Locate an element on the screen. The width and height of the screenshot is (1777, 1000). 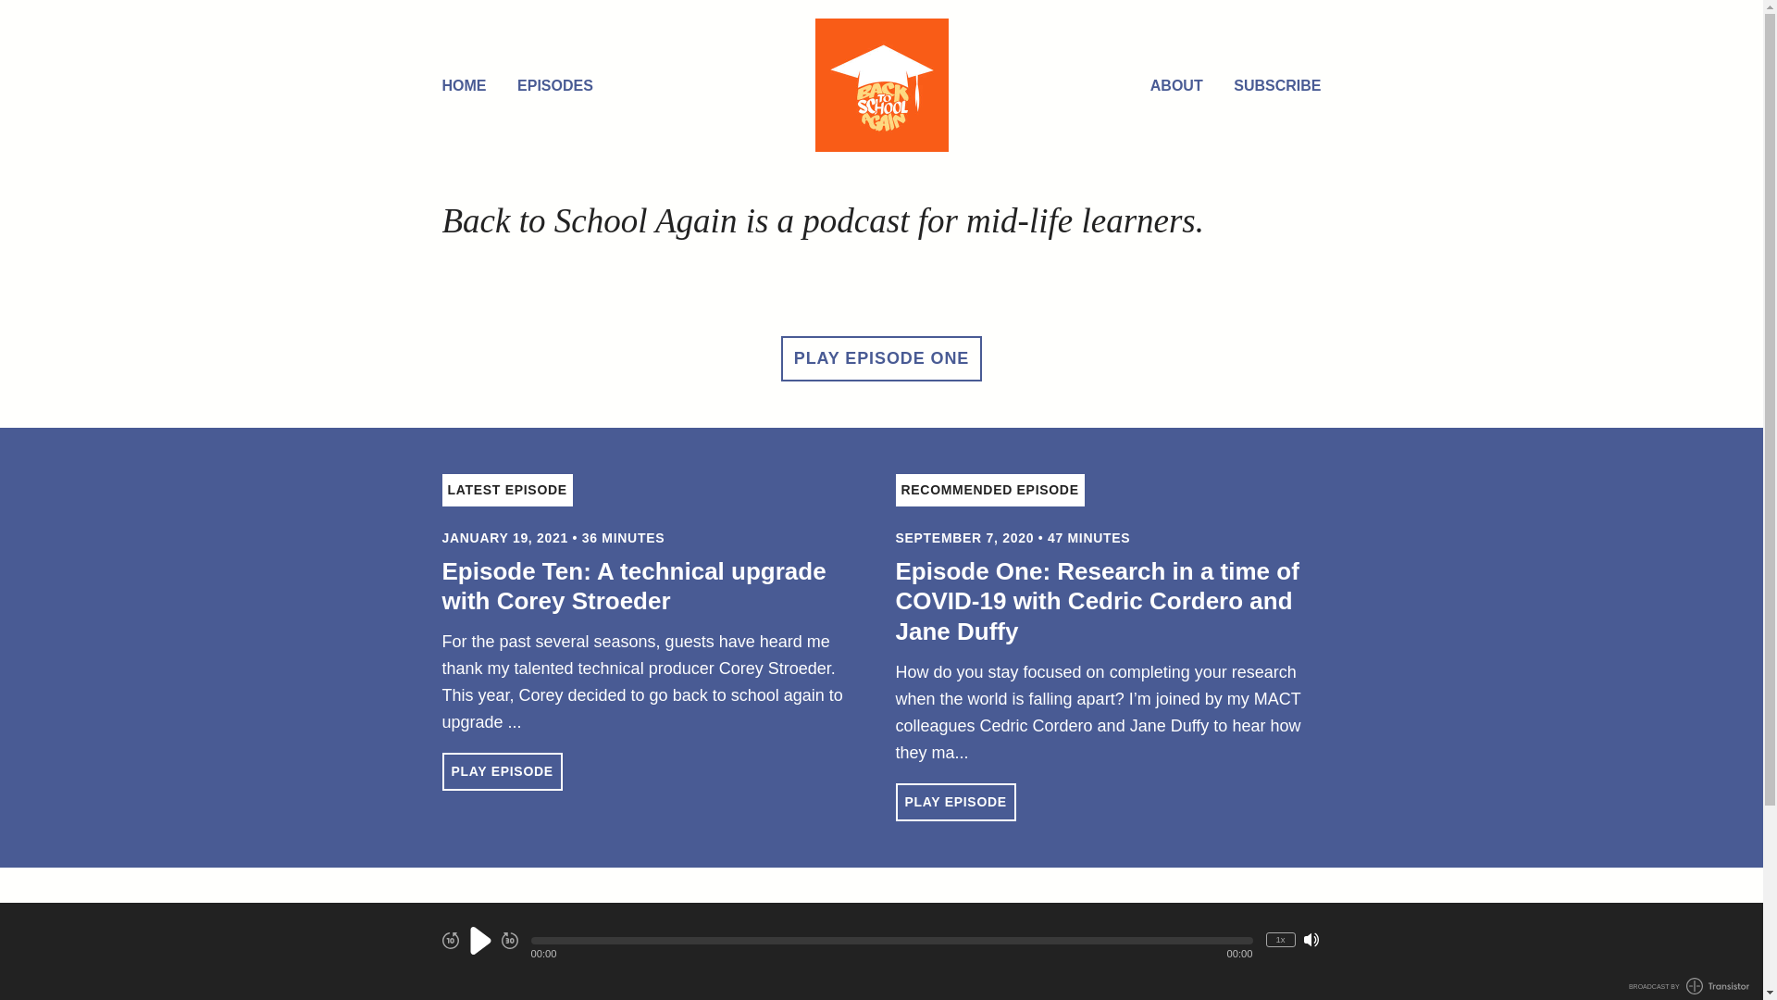
'1x' is located at coordinates (1279, 939).